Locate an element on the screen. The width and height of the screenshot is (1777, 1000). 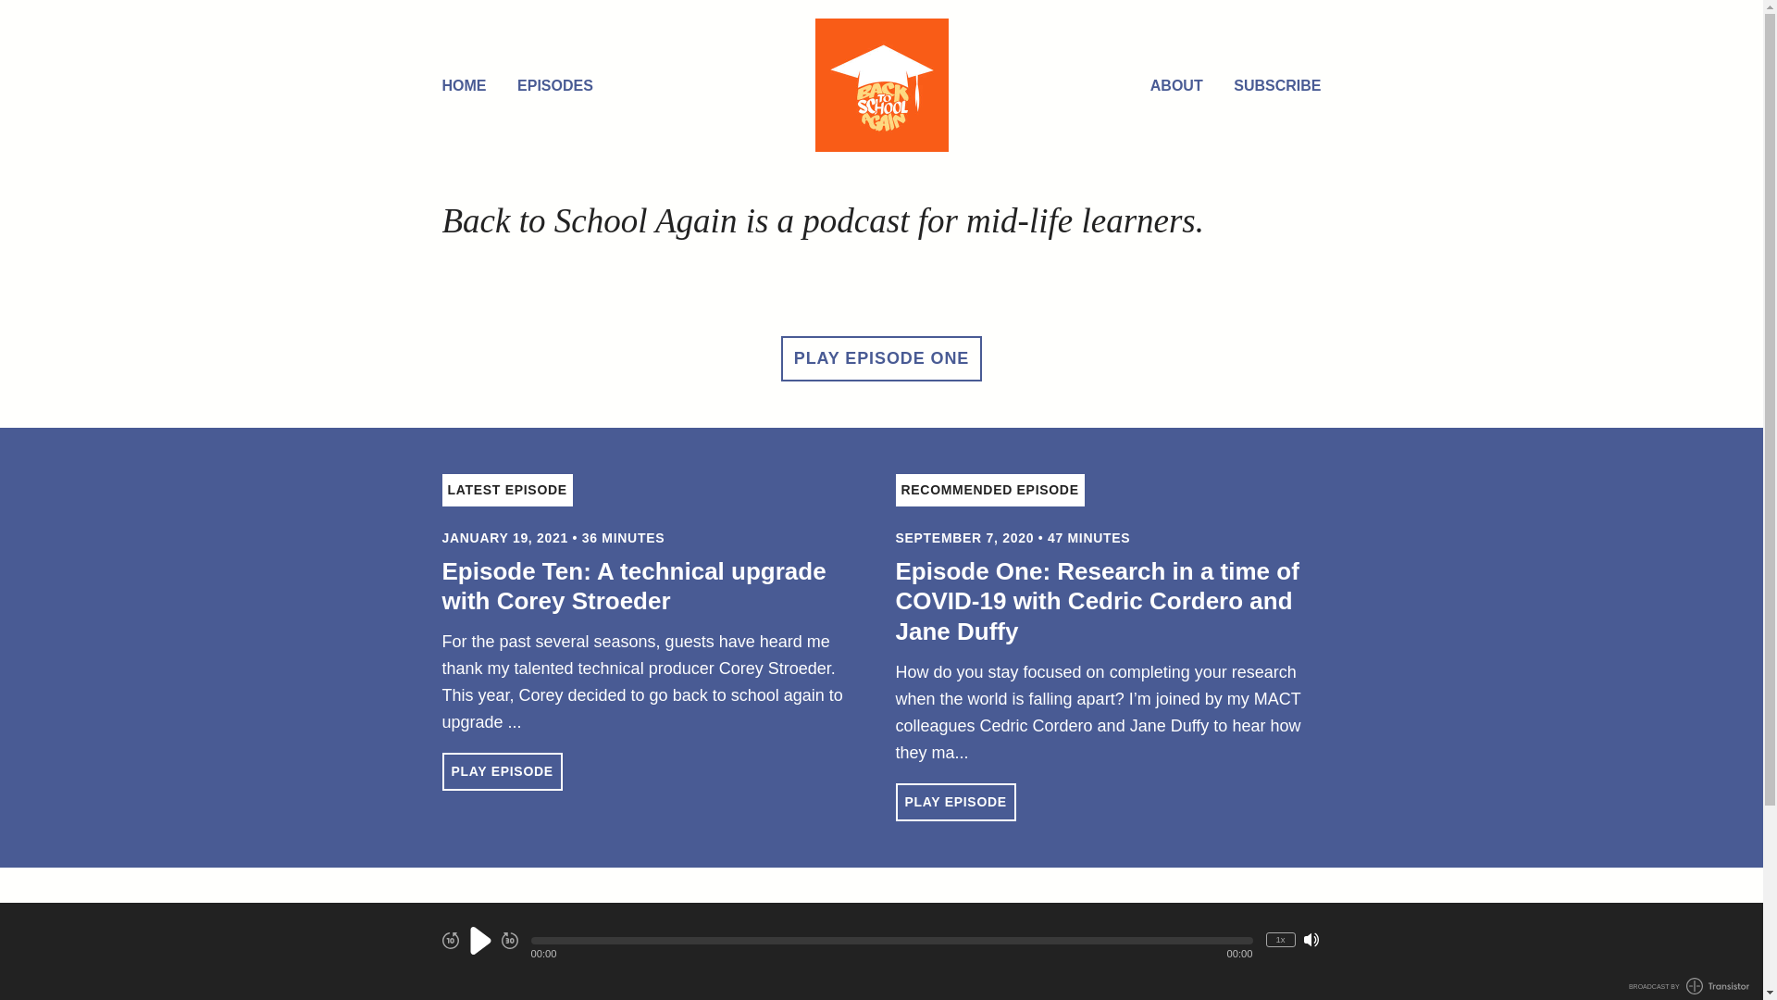
'1x' is located at coordinates (1279, 939).